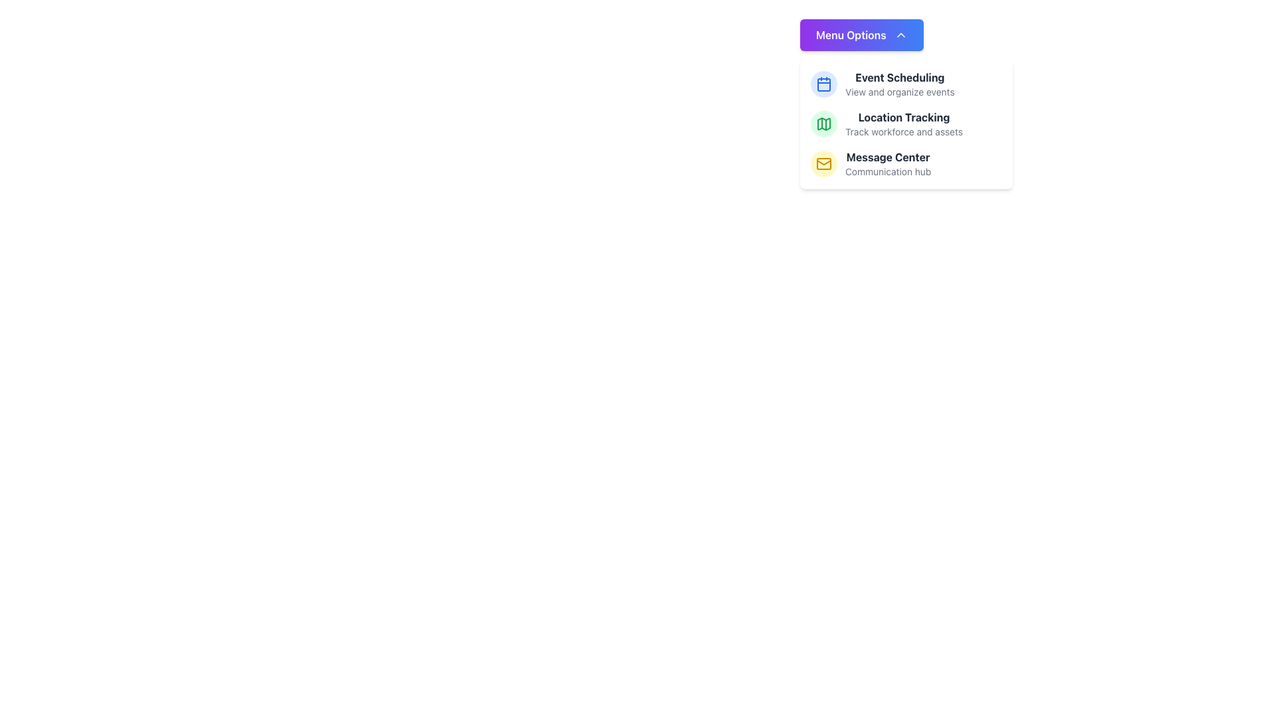  I want to click on the text element titled 'Event Scheduling' which includes the subtitle 'View and organize events.' This element is the first entry under the 'Menu Options' header, so click(900, 84).